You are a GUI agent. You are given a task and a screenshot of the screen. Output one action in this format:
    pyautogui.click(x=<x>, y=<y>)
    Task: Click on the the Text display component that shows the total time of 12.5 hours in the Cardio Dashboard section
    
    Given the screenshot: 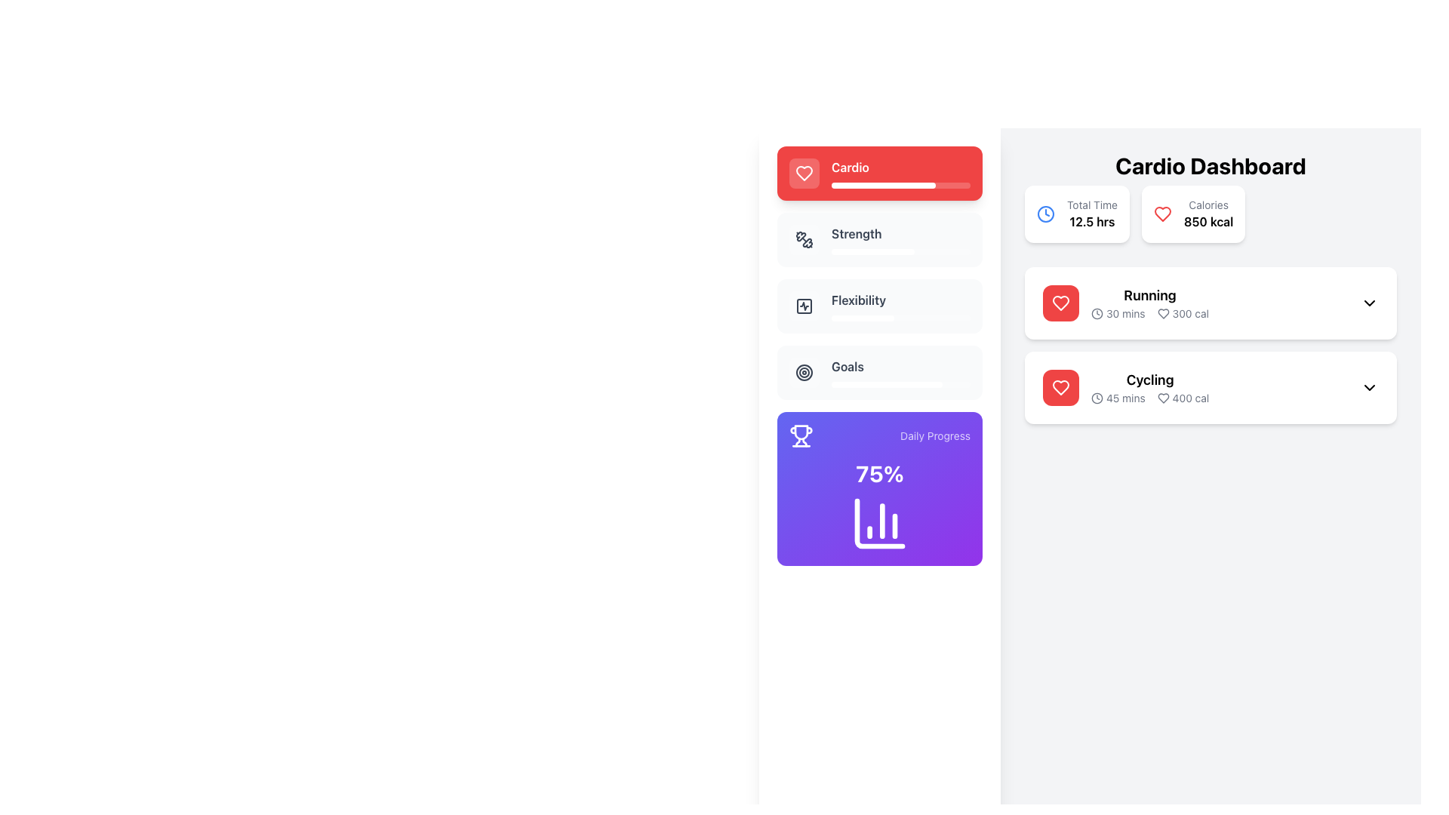 What is the action you would take?
    pyautogui.click(x=1092, y=214)
    